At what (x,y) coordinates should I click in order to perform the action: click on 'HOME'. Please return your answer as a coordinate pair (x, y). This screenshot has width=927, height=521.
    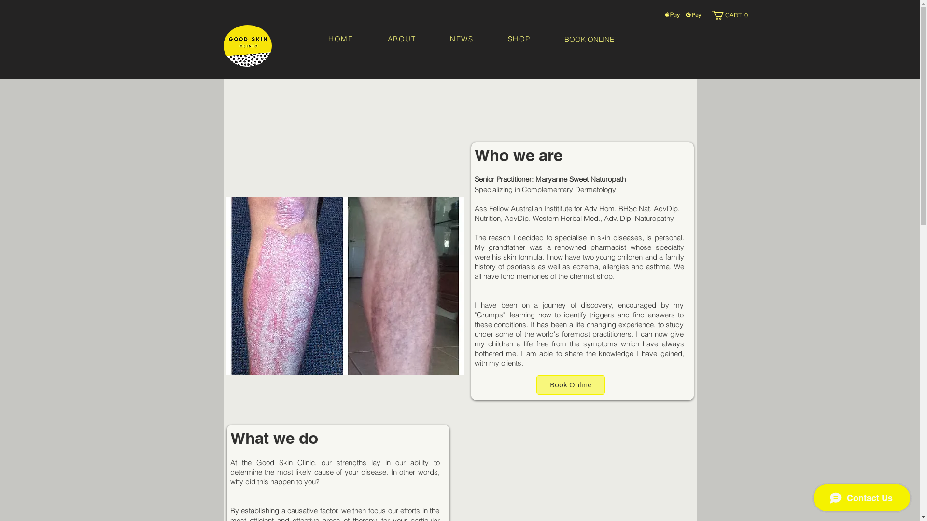
    Looking at the image, I should click on (340, 39).